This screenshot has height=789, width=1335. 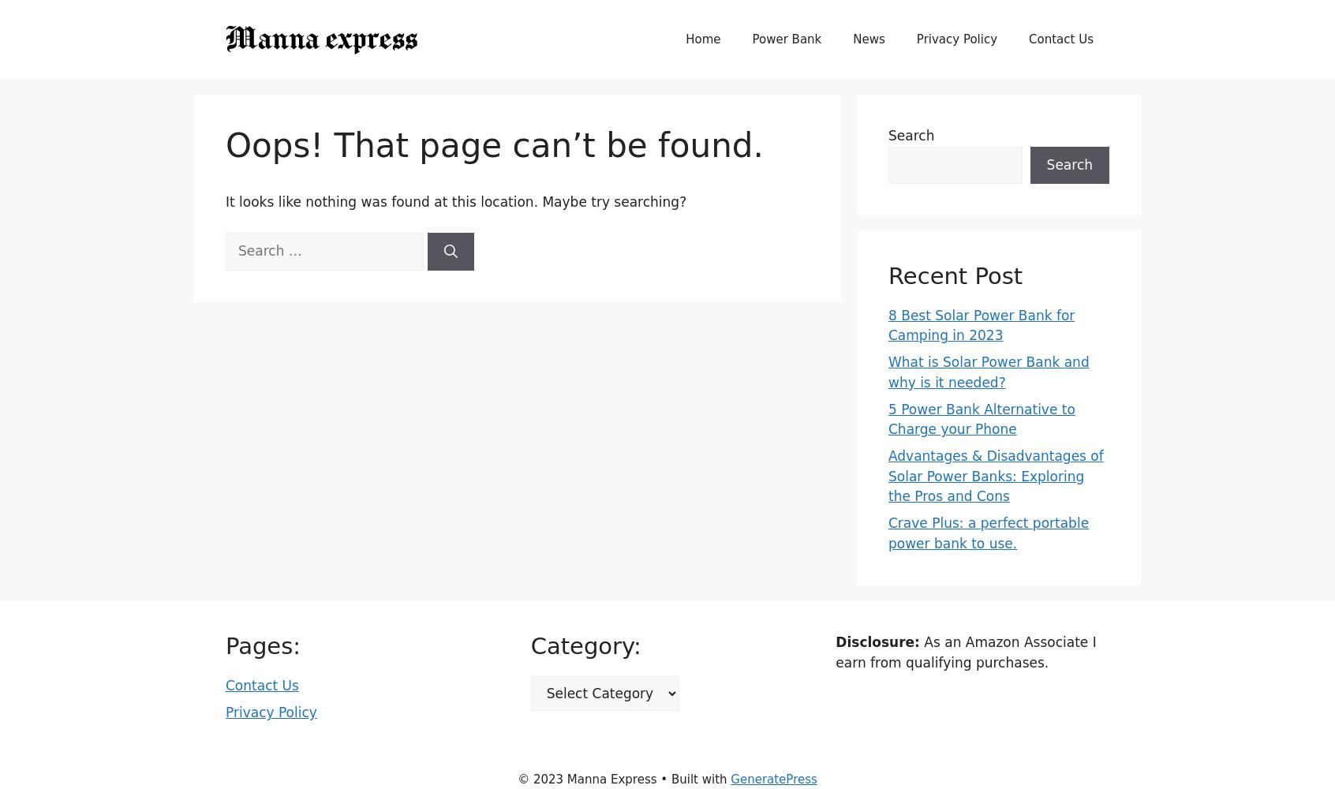 What do you see at coordinates (988, 371) in the screenshot?
I see `'What is Solar Power Bank and why is it needed?'` at bounding box center [988, 371].